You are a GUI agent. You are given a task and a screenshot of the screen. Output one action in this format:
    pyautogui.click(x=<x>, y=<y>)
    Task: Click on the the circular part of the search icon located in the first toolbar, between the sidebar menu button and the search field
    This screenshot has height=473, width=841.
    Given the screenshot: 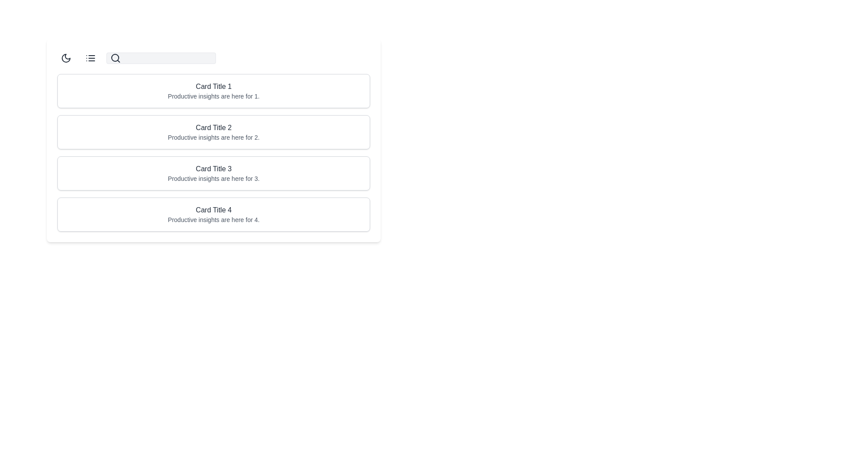 What is the action you would take?
    pyautogui.click(x=115, y=57)
    